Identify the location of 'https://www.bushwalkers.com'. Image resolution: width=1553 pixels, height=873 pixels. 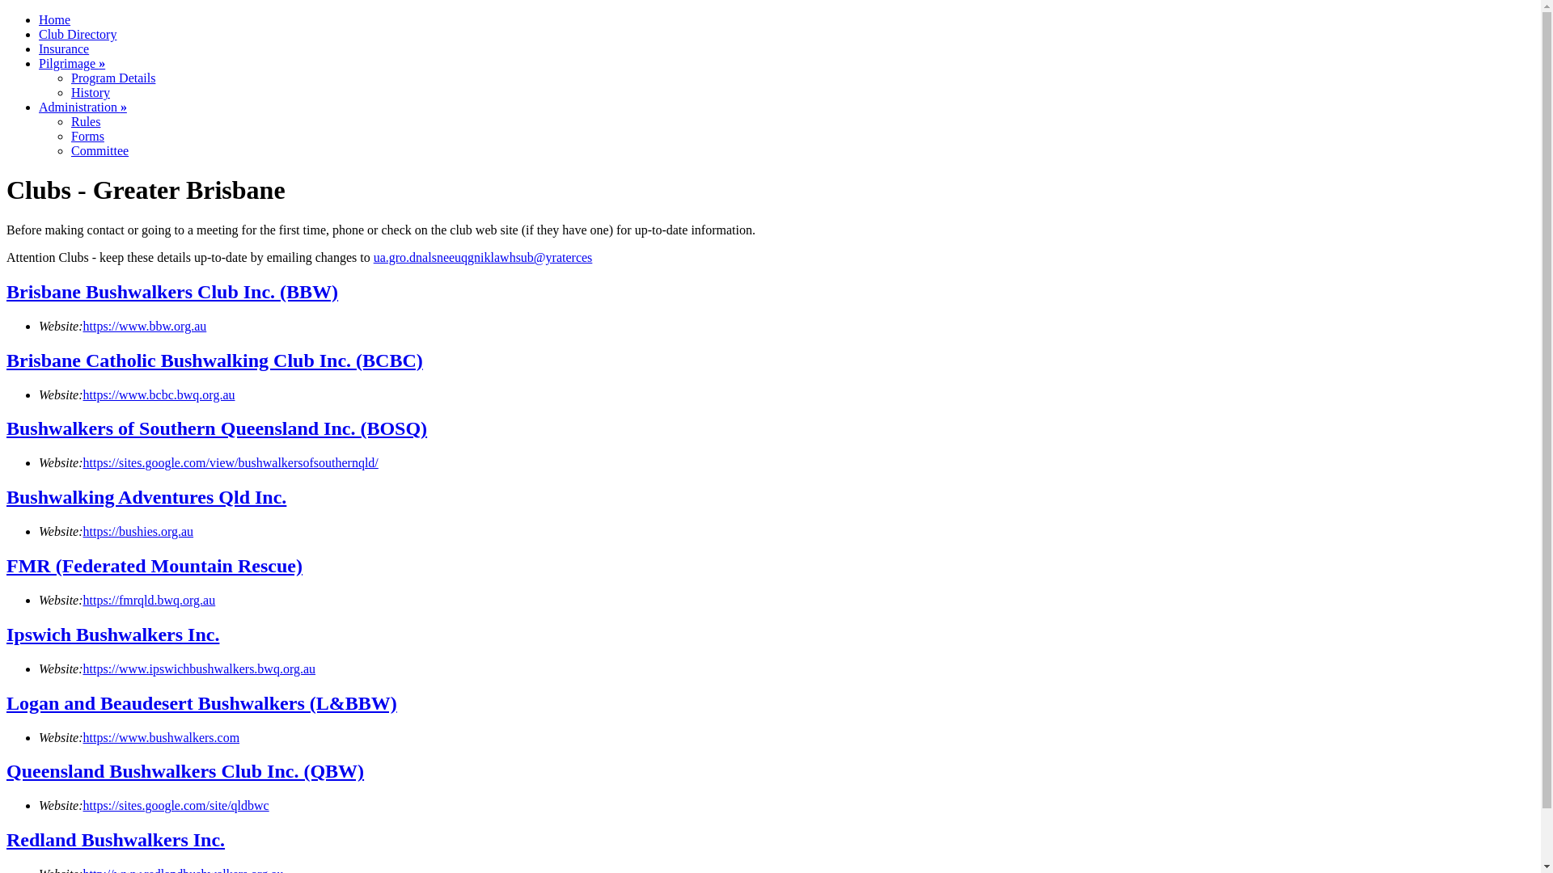
(162, 737).